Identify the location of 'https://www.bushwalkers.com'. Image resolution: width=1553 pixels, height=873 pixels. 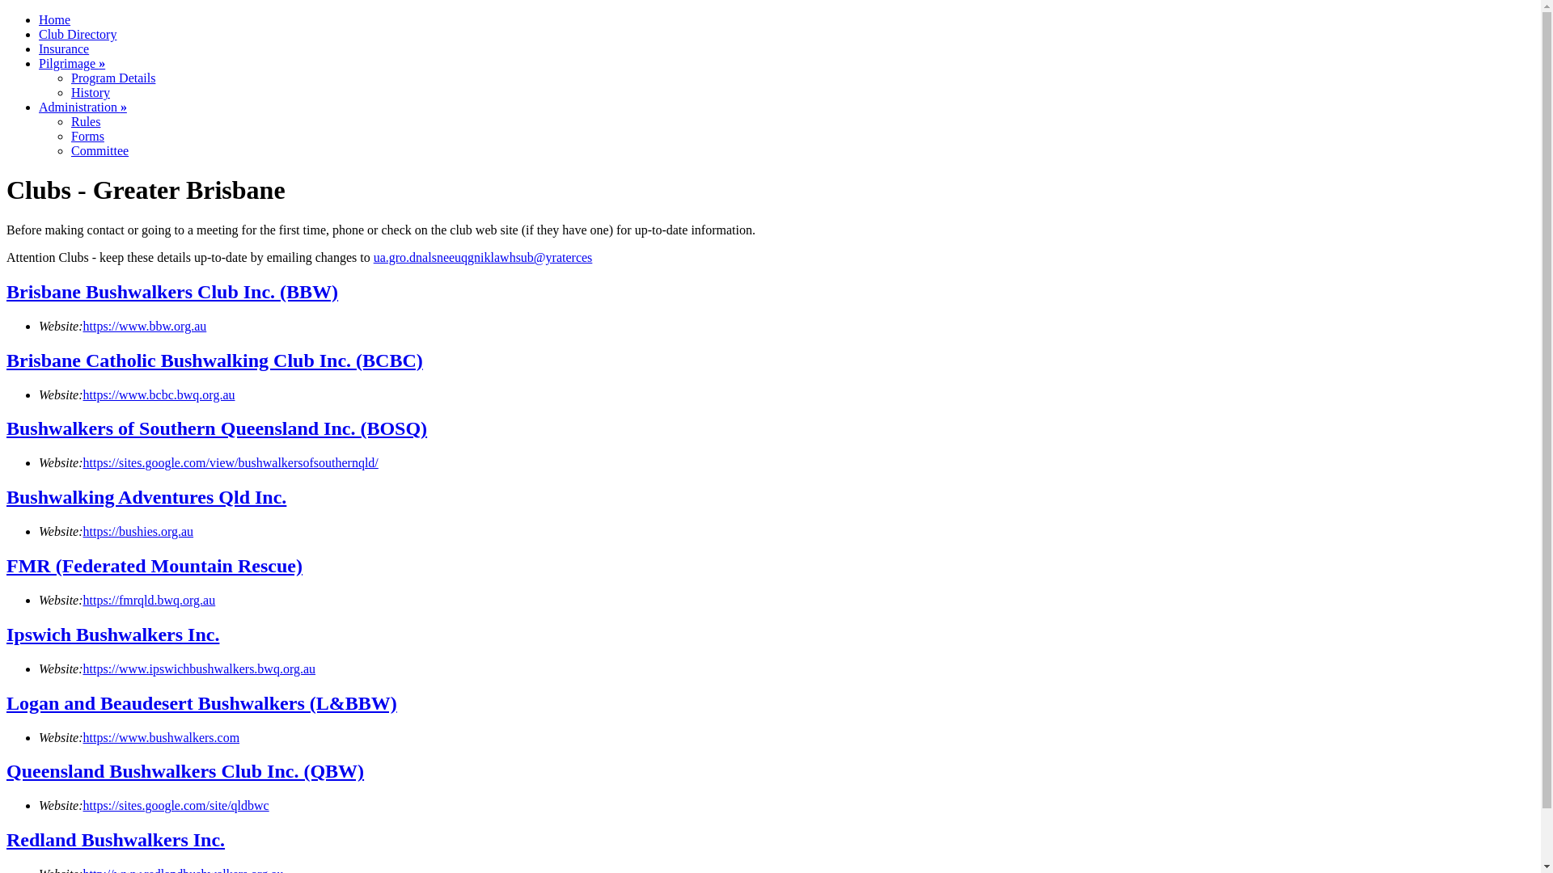
(162, 737).